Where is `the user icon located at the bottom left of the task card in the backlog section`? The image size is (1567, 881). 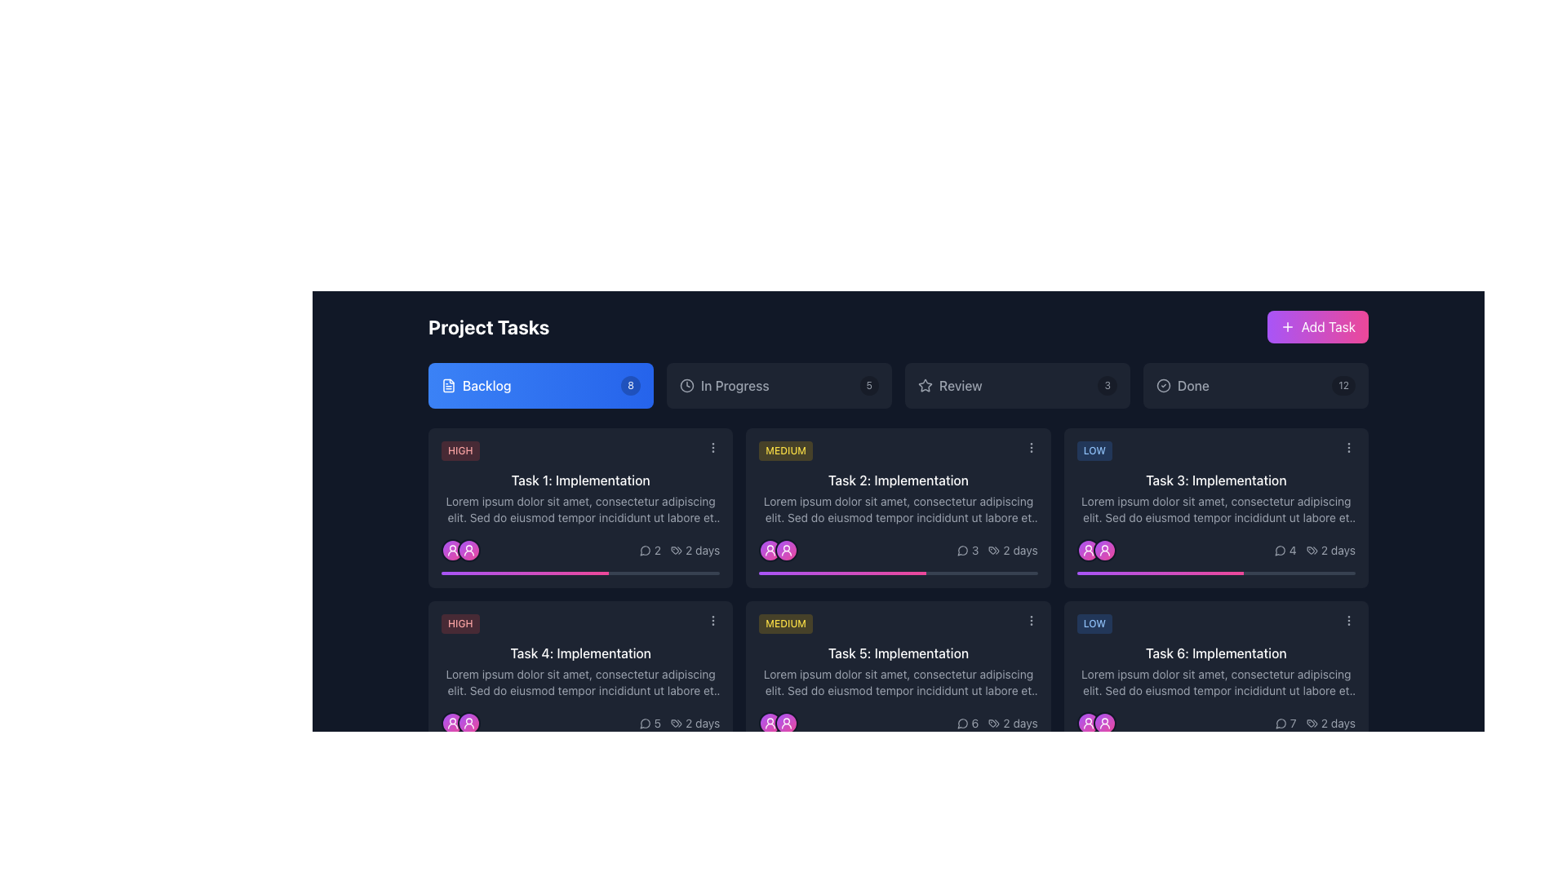
the user icon located at the bottom left of the task card in the backlog section is located at coordinates (770, 551).